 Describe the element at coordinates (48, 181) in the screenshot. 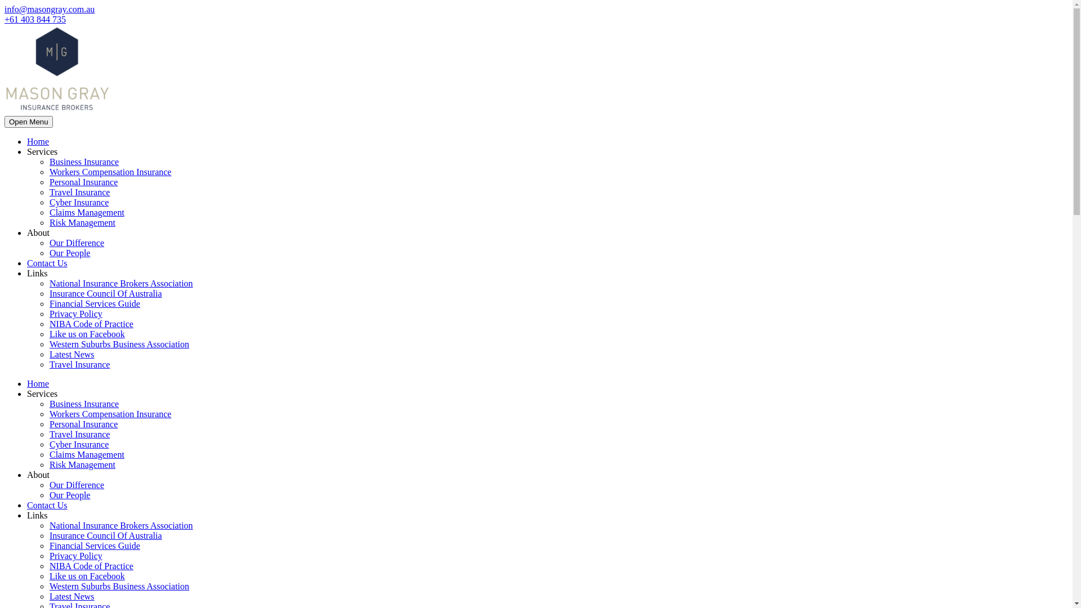

I see `'Personal Insurance'` at that location.